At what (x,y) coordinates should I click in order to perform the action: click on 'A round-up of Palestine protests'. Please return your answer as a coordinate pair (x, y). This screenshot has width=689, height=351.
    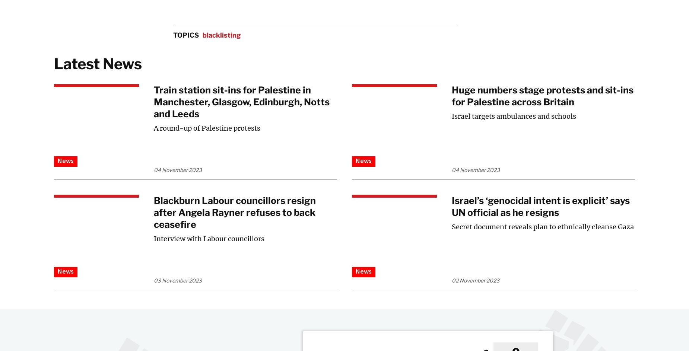
    Looking at the image, I should click on (207, 128).